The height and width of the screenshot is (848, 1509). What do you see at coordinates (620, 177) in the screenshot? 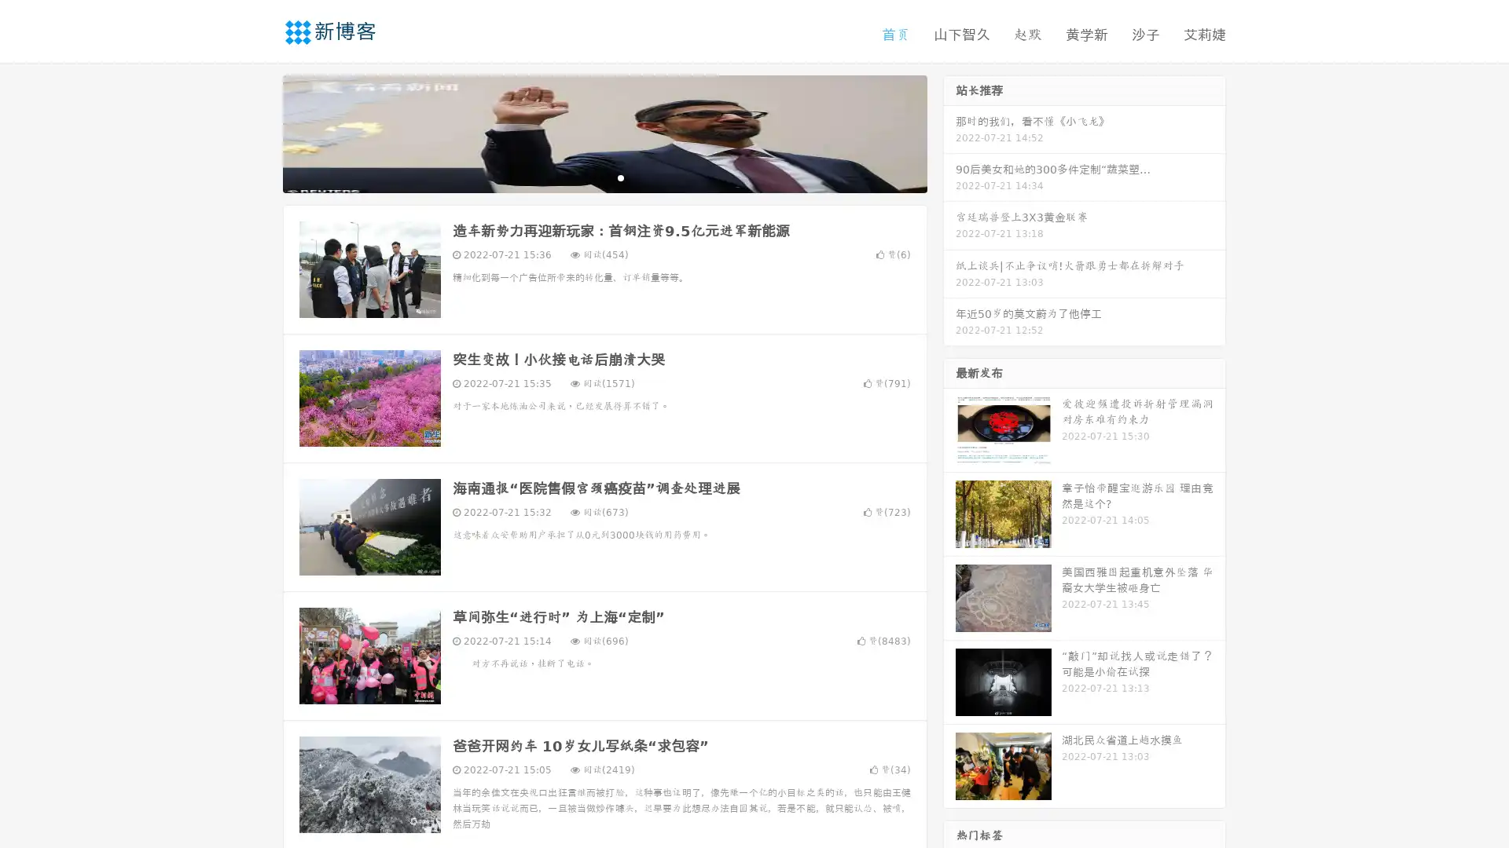
I see `Go to slide 3` at bounding box center [620, 177].